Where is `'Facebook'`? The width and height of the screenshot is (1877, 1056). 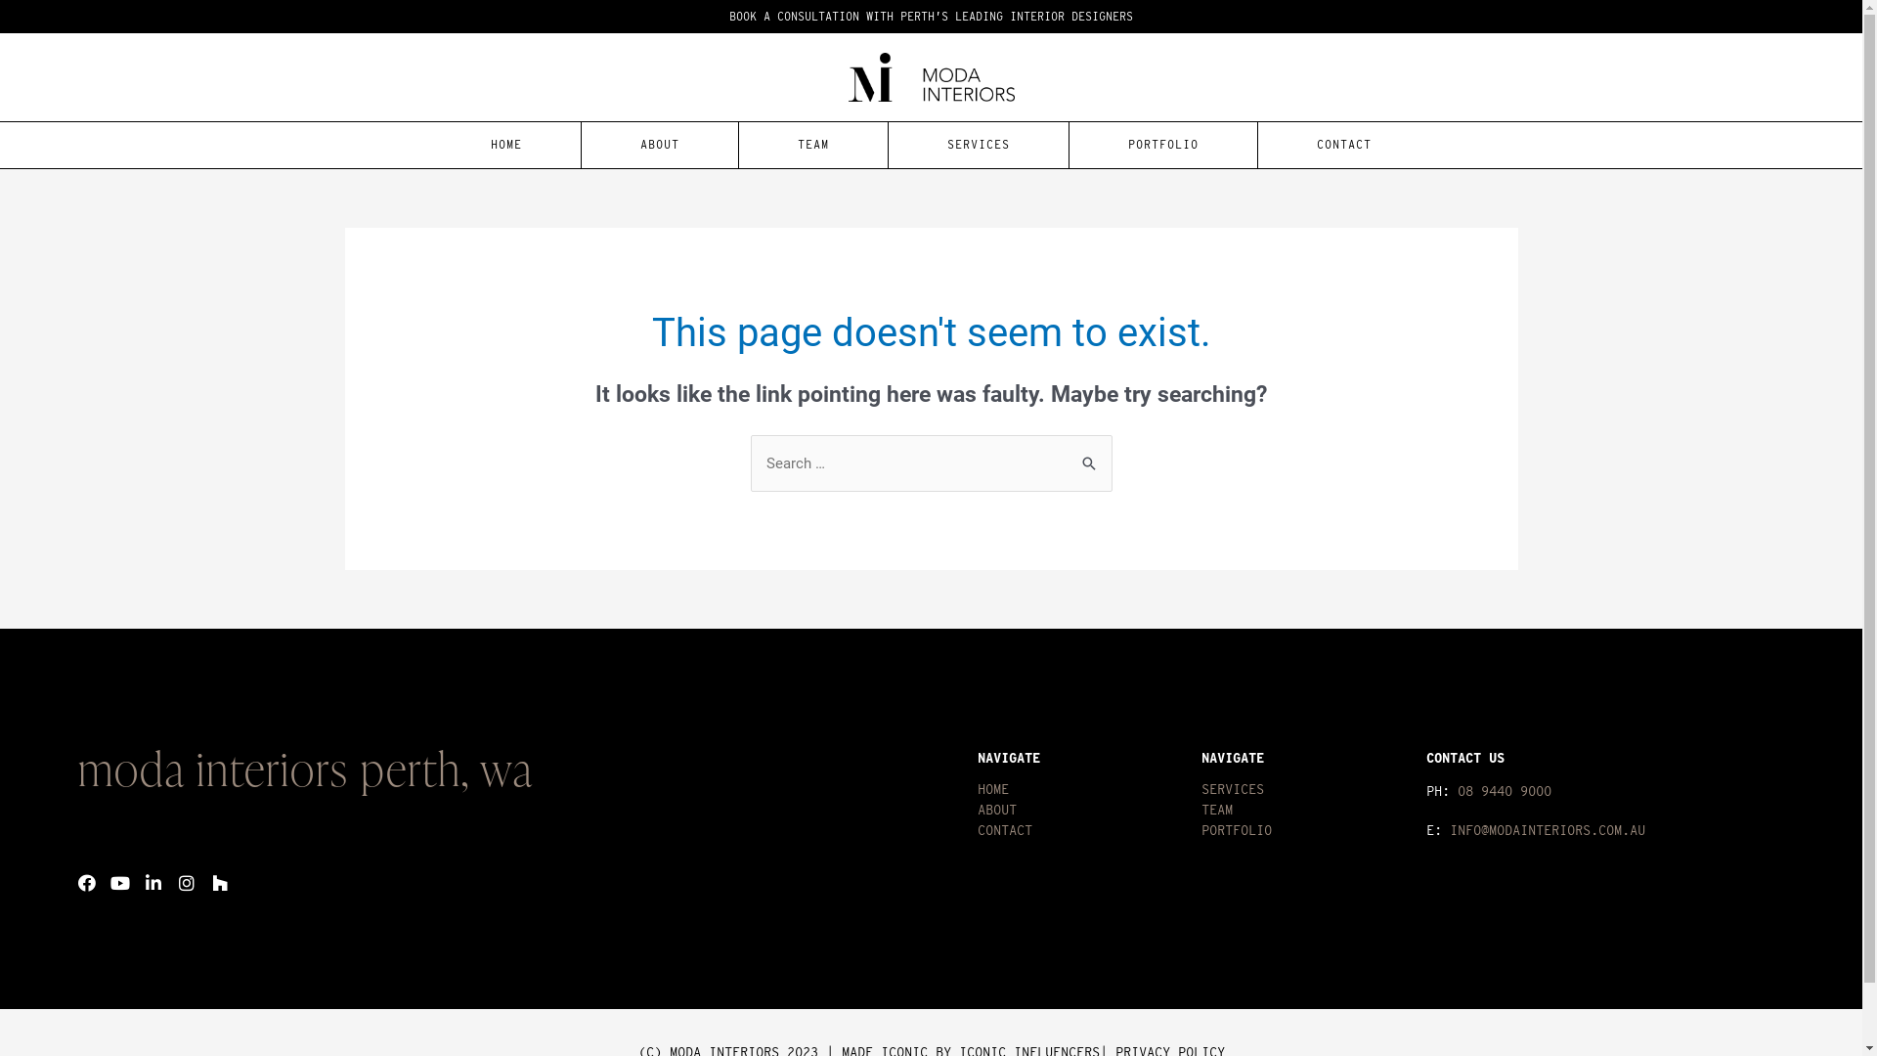 'Facebook' is located at coordinates (86, 882).